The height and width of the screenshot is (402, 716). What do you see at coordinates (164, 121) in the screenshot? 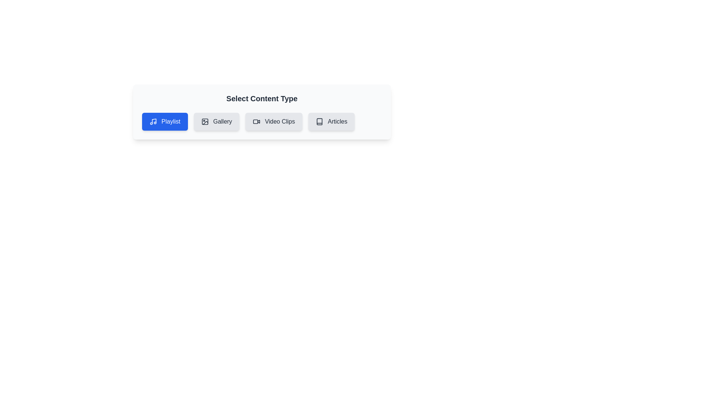
I see `the chip labeled 'Playlist' to observe its hover effect` at bounding box center [164, 121].